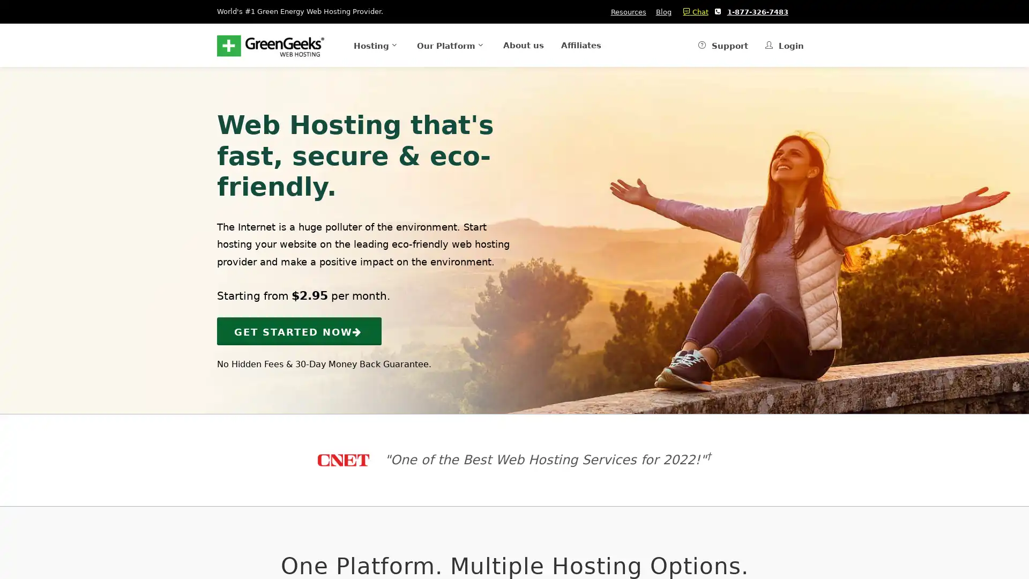 This screenshot has width=1029, height=579. Describe the element at coordinates (359, 44) in the screenshot. I see `Menu` at that location.